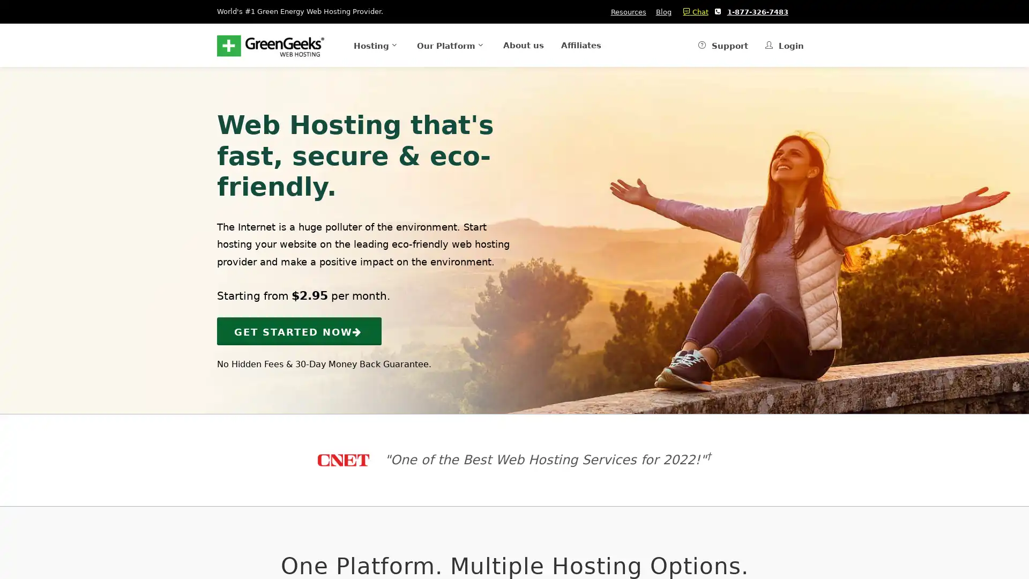 This screenshot has width=1029, height=579. Describe the element at coordinates (359, 44) in the screenshot. I see `Menu` at that location.